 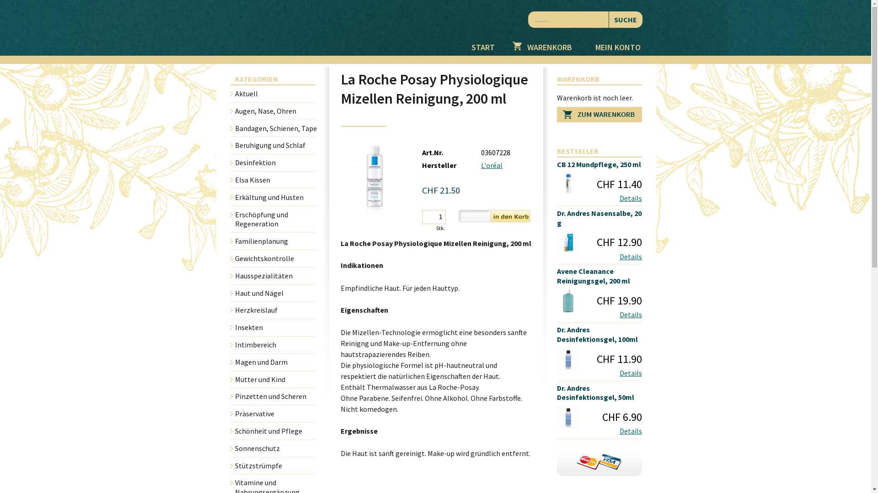 What do you see at coordinates (230, 128) in the screenshot?
I see `'Bandagen, Schienen, Tape'` at bounding box center [230, 128].